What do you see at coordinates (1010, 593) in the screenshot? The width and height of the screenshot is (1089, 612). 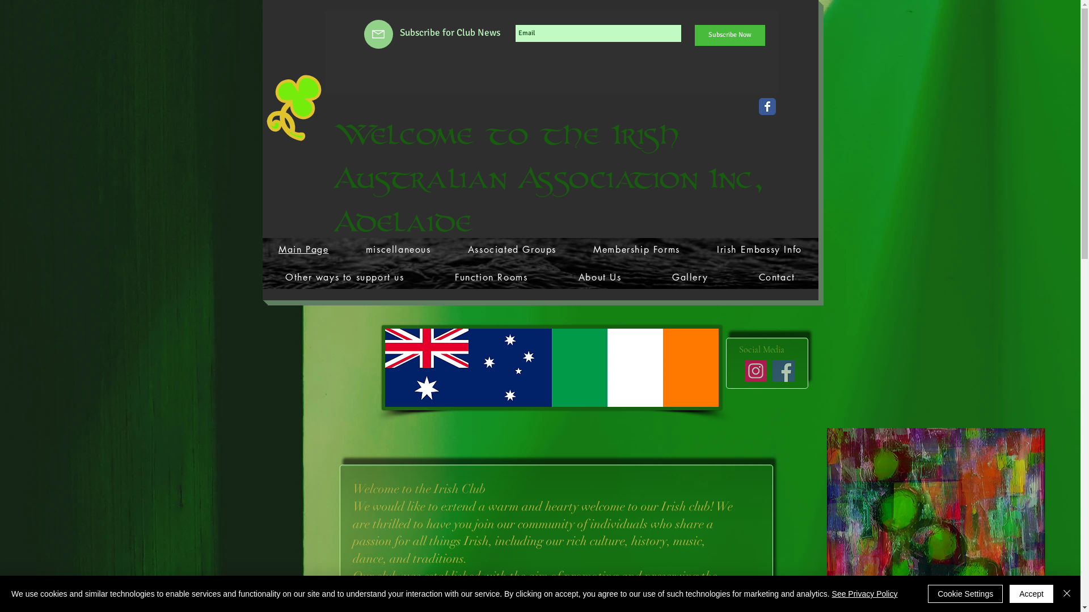 I see `'Accept'` at bounding box center [1010, 593].